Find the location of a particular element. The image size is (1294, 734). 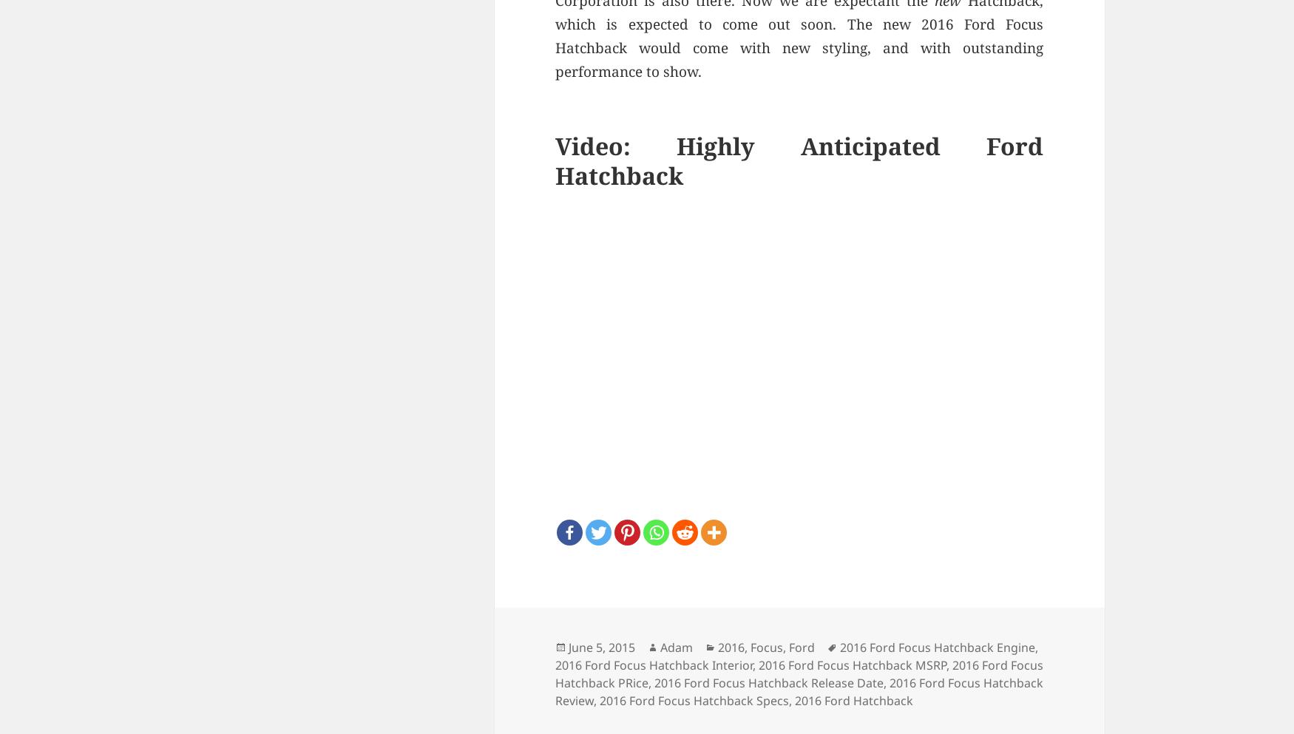

'2016 Ford Focus Hatchback Specs' is located at coordinates (694, 699).